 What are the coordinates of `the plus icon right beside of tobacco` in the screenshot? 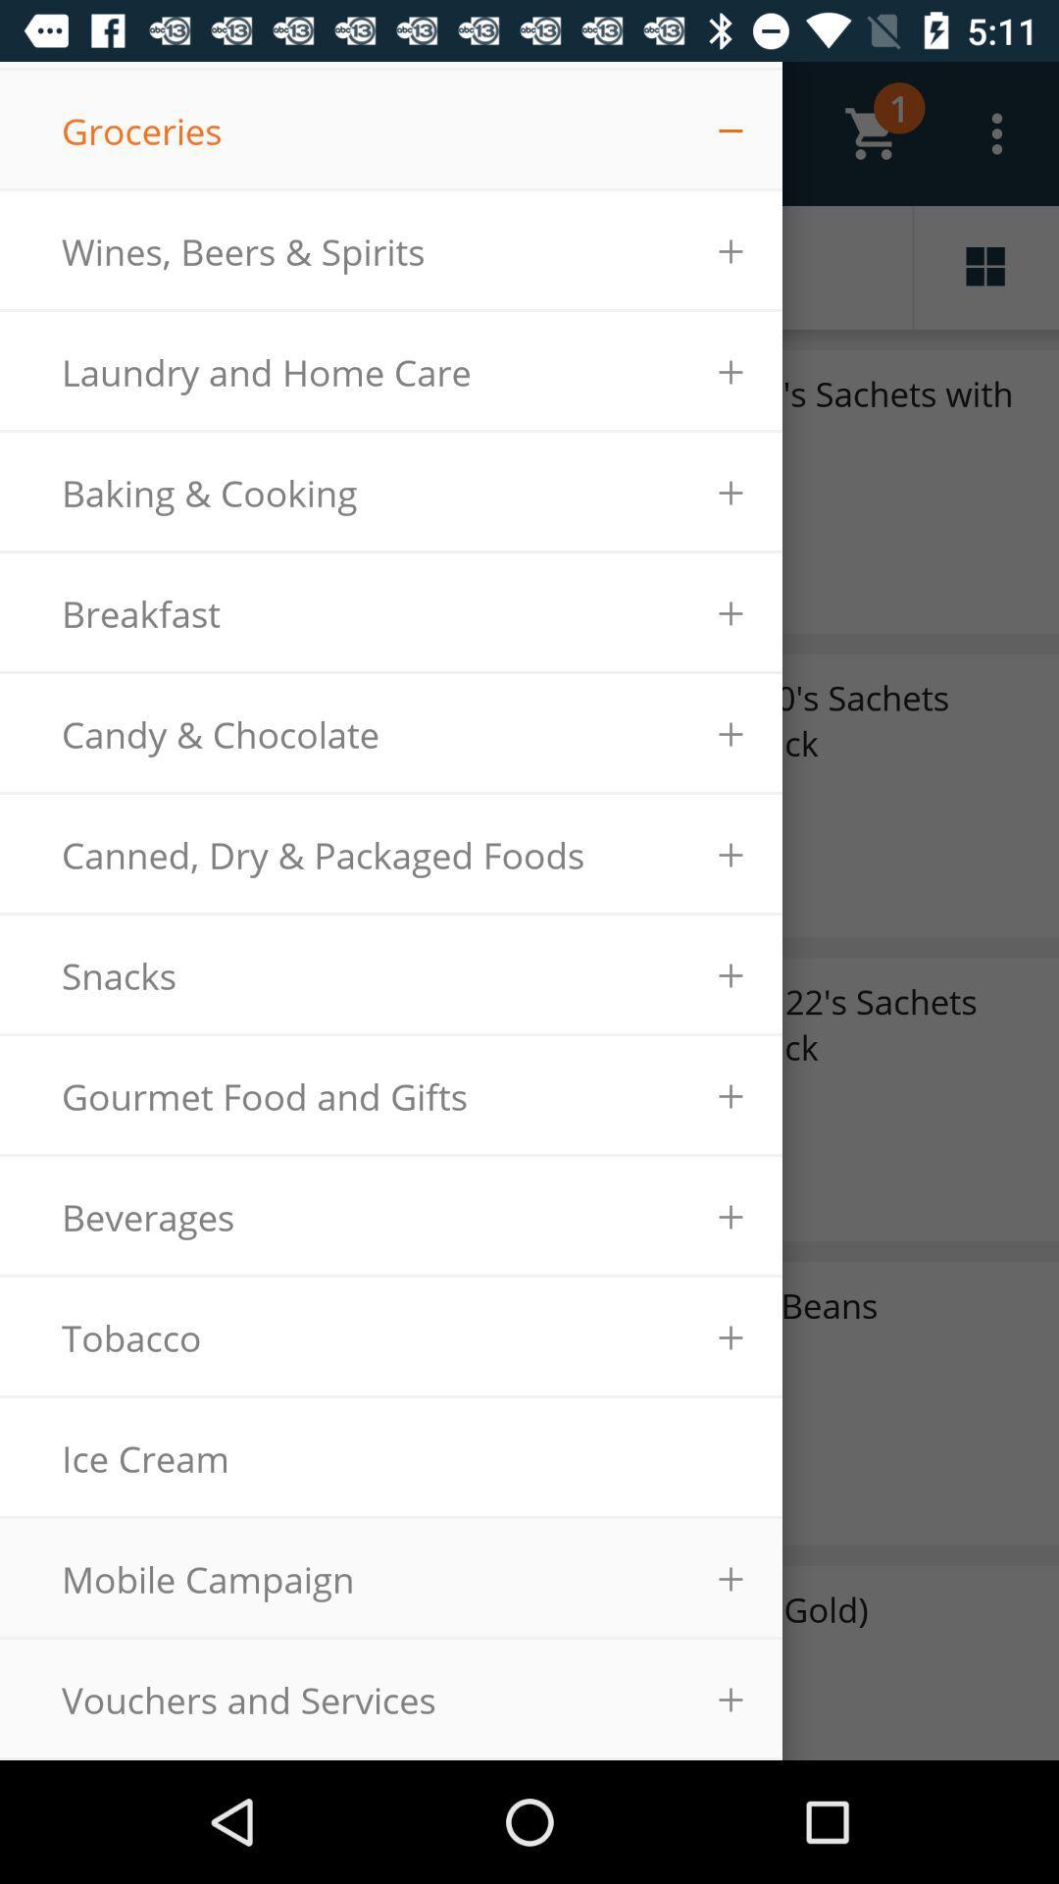 It's located at (731, 1336).